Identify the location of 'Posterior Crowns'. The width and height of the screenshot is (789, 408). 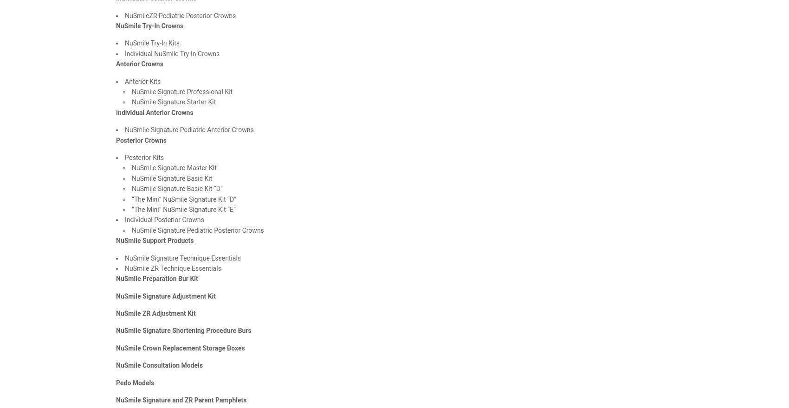
(141, 140).